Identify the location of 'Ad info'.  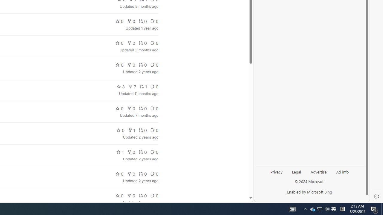
(342, 171).